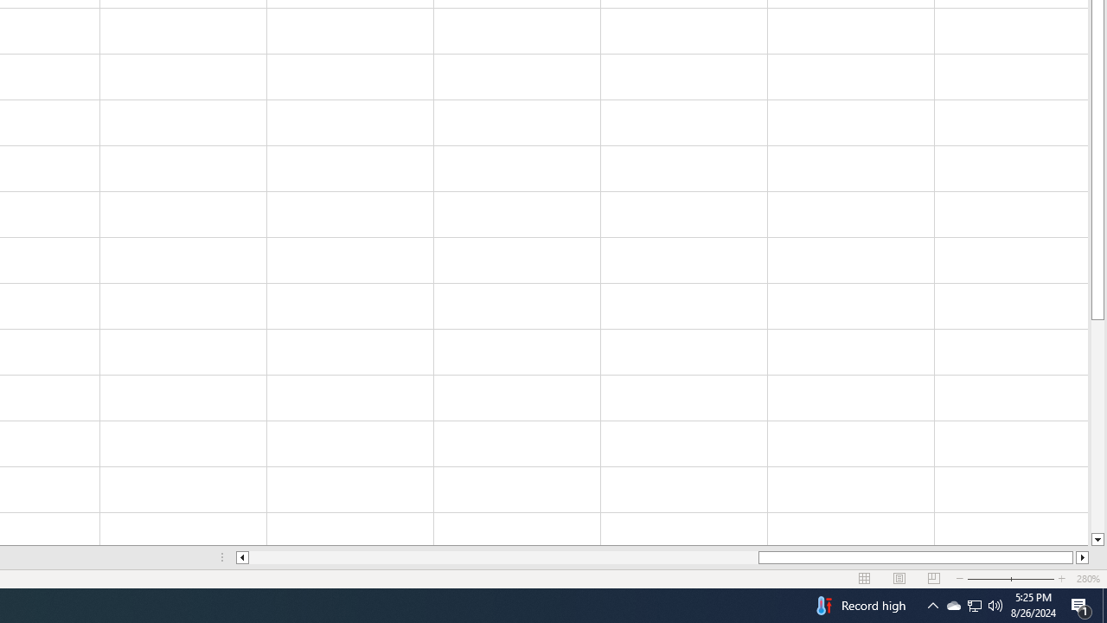  Describe the element at coordinates (1097, 539) in the screenshot. I see `'Line down'` at that location.